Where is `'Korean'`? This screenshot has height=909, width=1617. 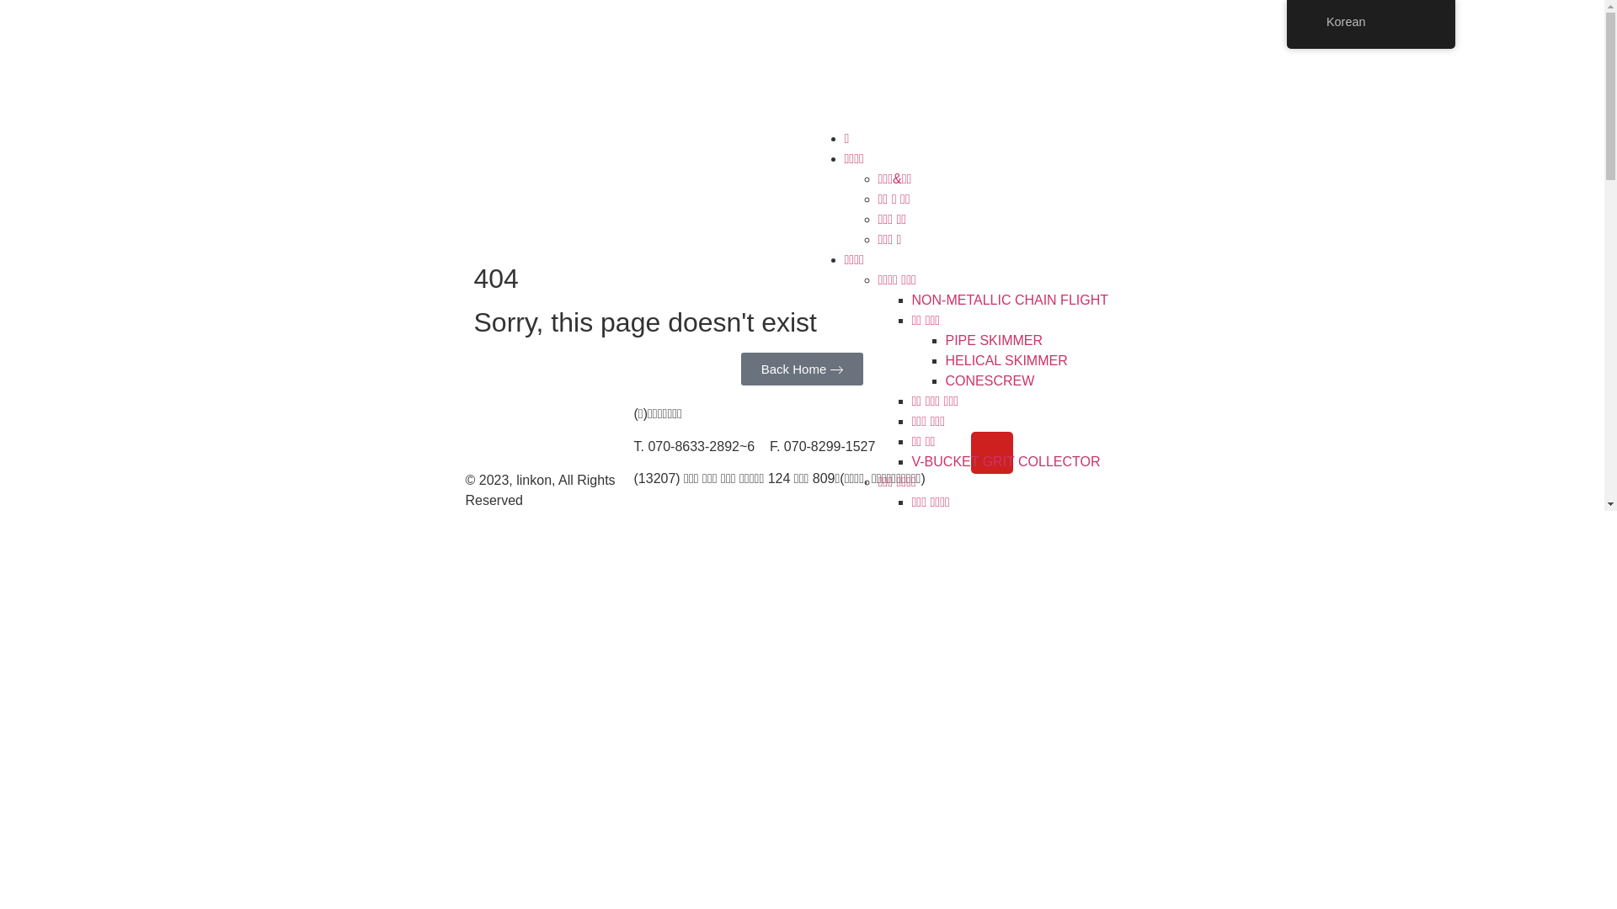
'Korean' is located at coordinates (1313, 23).